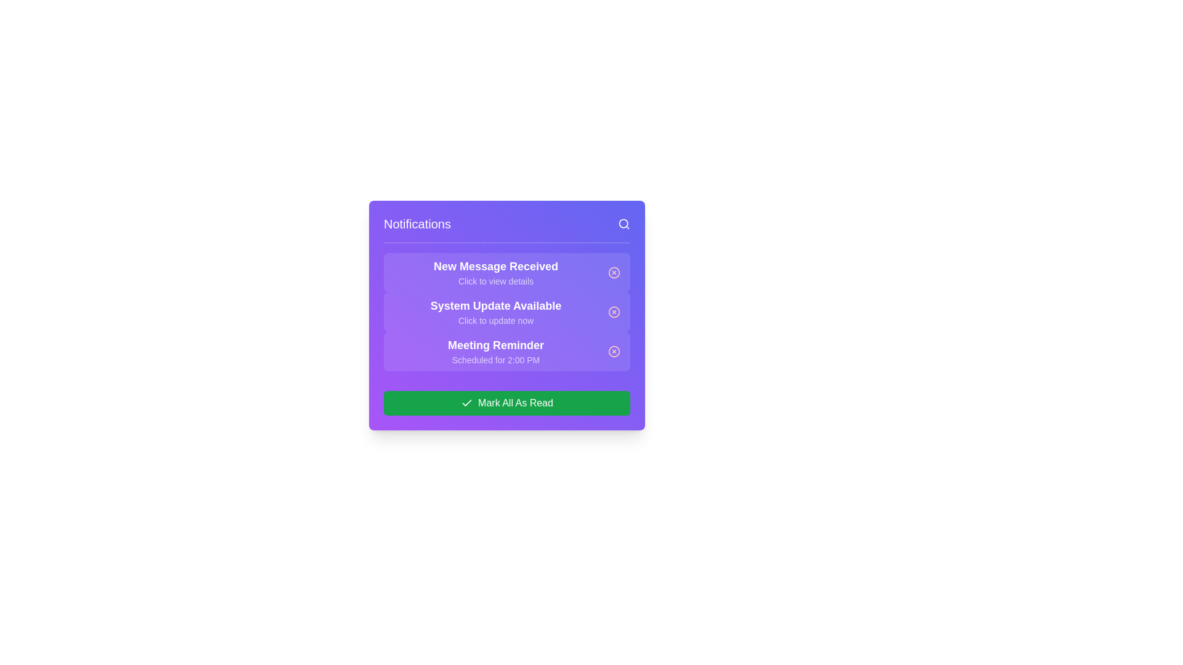 The width and height of the screenshot is (1183, 665). What do you see at coordinates (624, 224) in the screenshot?
I see `the magnifying glass icon in the top-right corner of the 'Notifications' section` at bounding box center [624, 224].